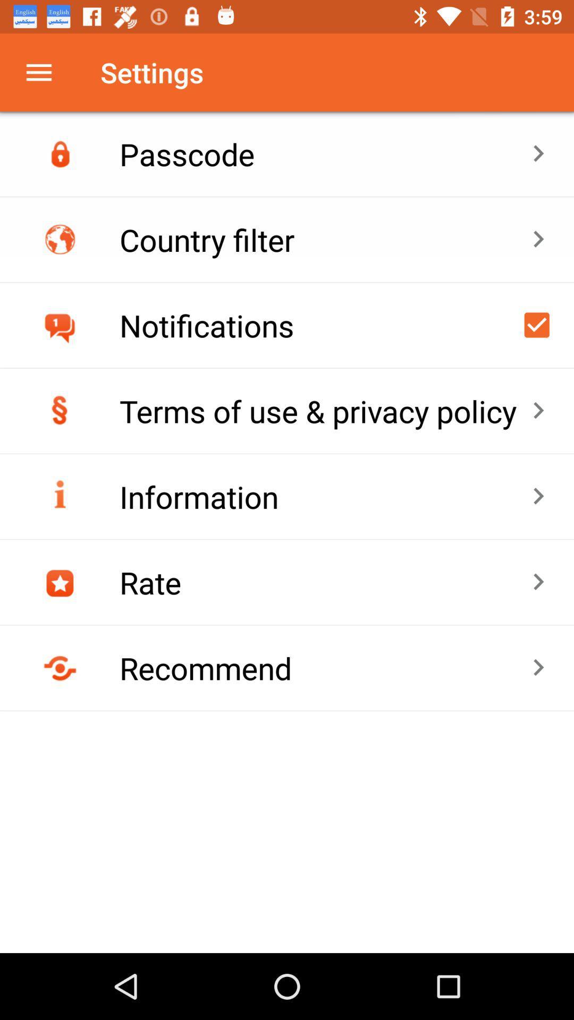  I want to click on enable/disable notifications, so click(537, 324).